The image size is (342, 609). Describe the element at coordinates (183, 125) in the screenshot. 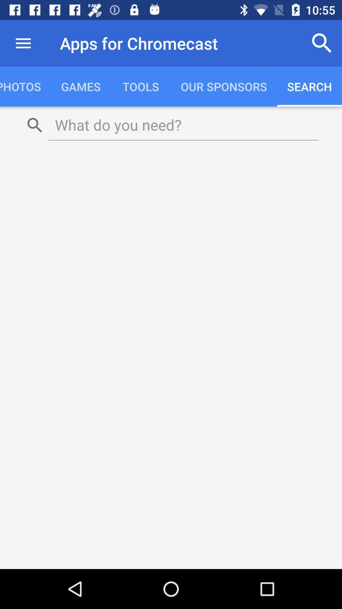

I see `icon below games item` at that location.